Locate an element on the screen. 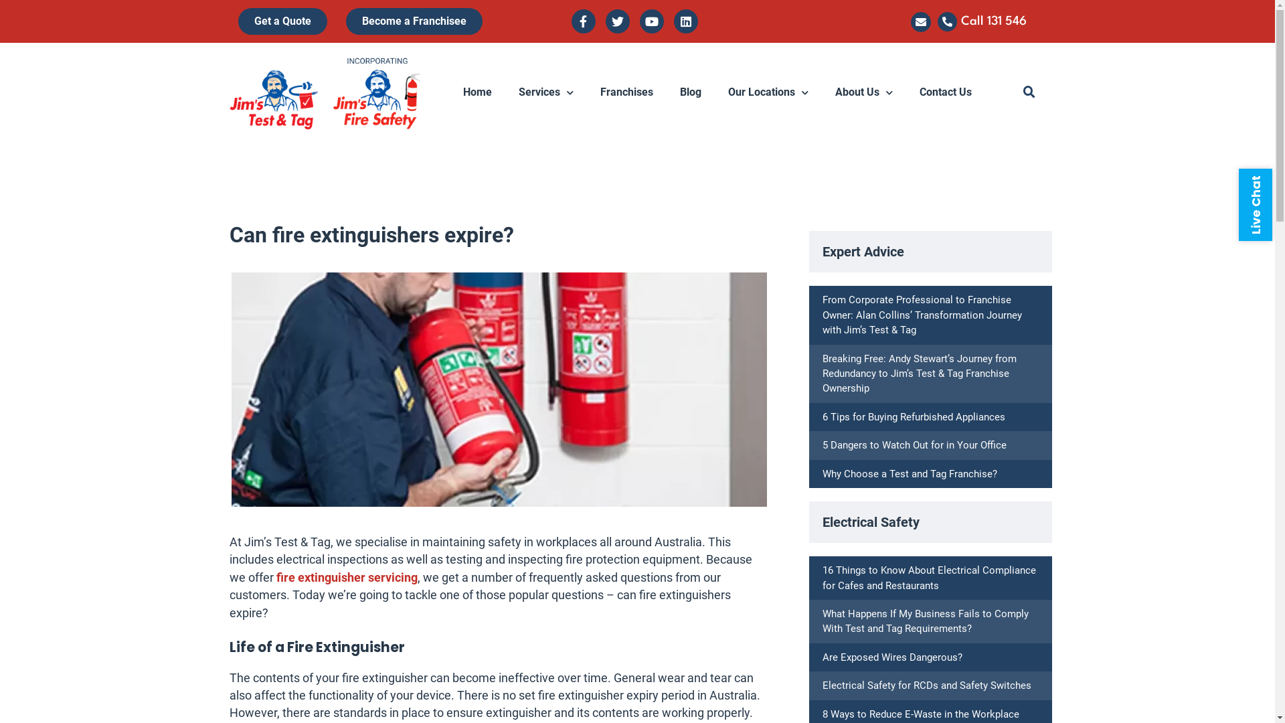 The height and width of the screenshot is (723, 1285). 'Call 131 546' is located at coordinates (993, 21).